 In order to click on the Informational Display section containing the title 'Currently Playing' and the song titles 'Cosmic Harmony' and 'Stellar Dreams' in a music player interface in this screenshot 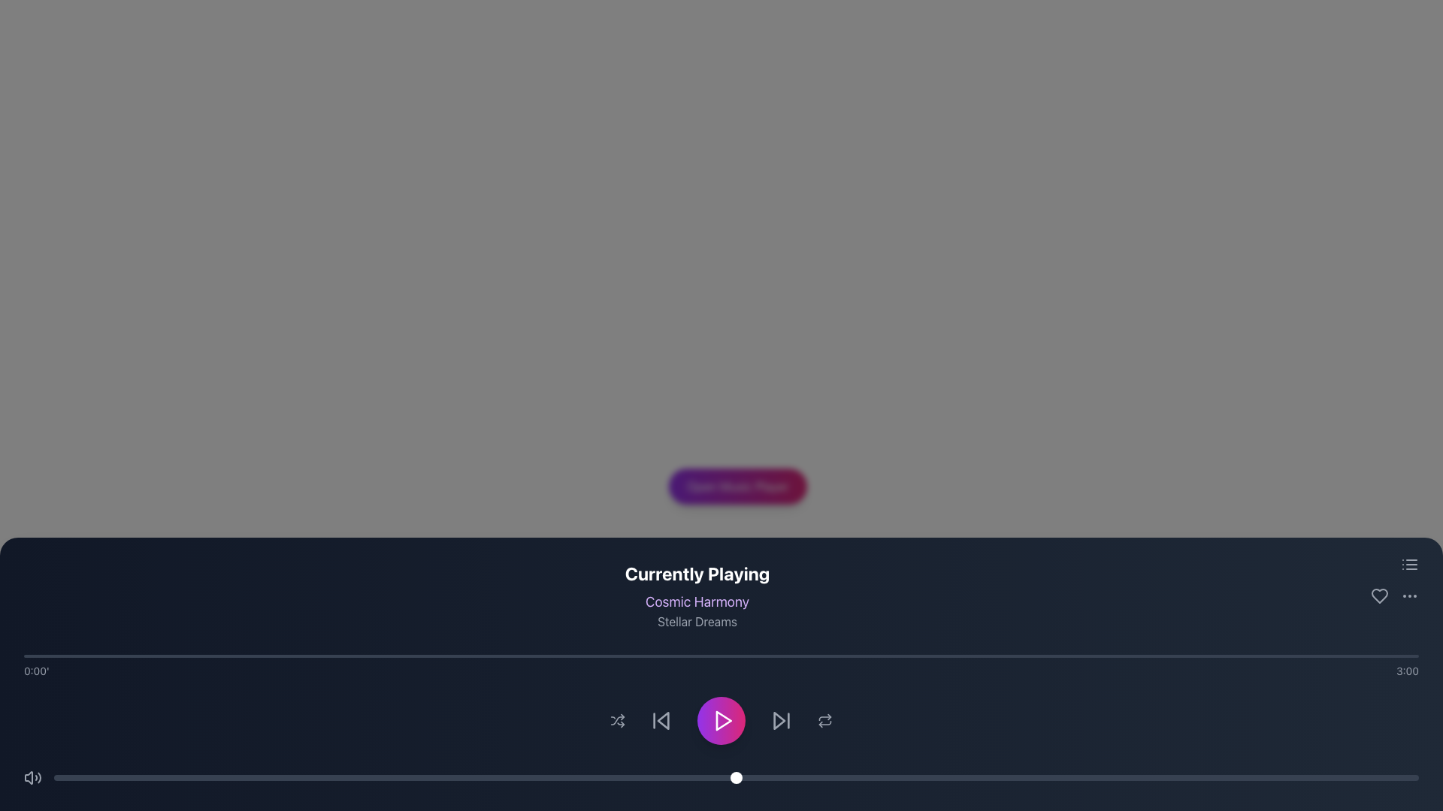, I will do `click(738, 581)`.